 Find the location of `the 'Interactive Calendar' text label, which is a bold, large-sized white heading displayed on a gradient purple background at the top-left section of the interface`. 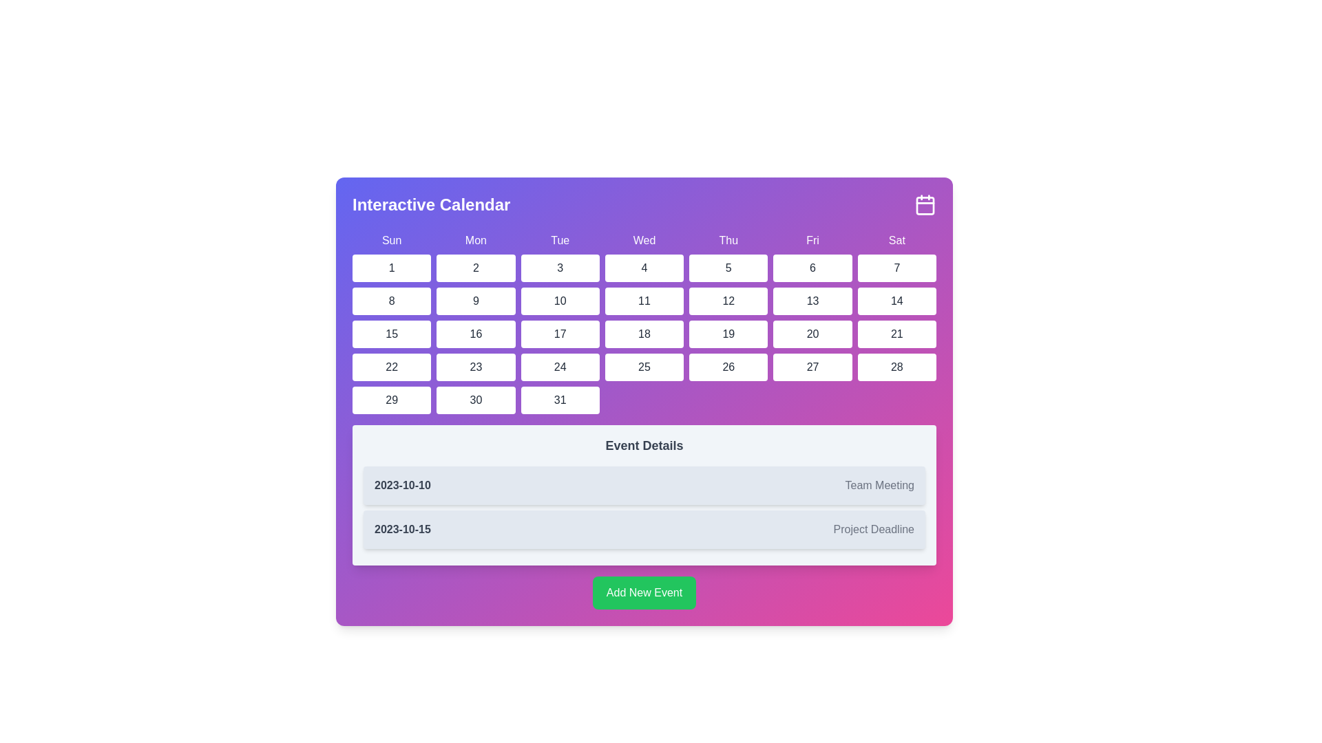

the 'Interactive Calendar' text label, which is a bold, large-sized white heading displayed on a gradient purple background at the top-left section of the interface is located at coordinates (430, 204).